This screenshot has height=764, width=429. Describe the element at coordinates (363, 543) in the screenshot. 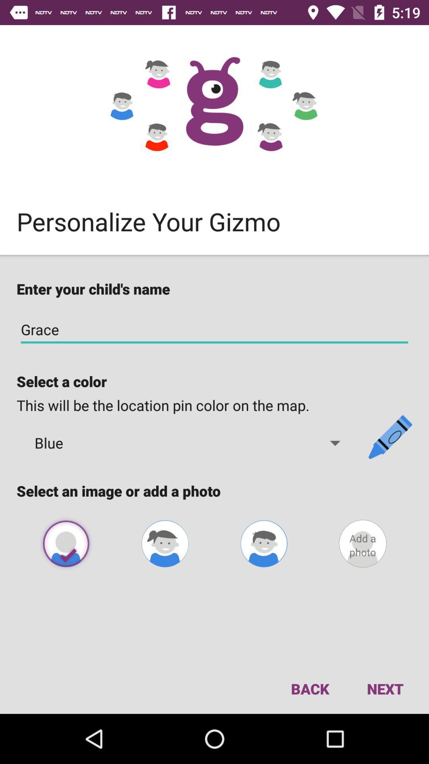

I see `profile photo` at that location.